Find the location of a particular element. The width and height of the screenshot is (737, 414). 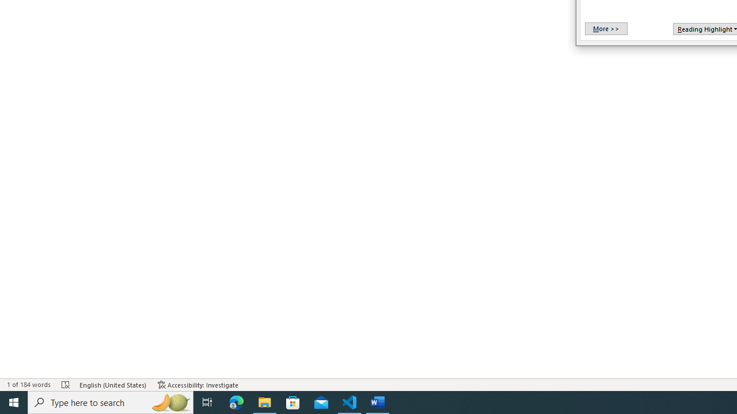

'File Explorer - 1 running window' is located at coordinates (264, 401).